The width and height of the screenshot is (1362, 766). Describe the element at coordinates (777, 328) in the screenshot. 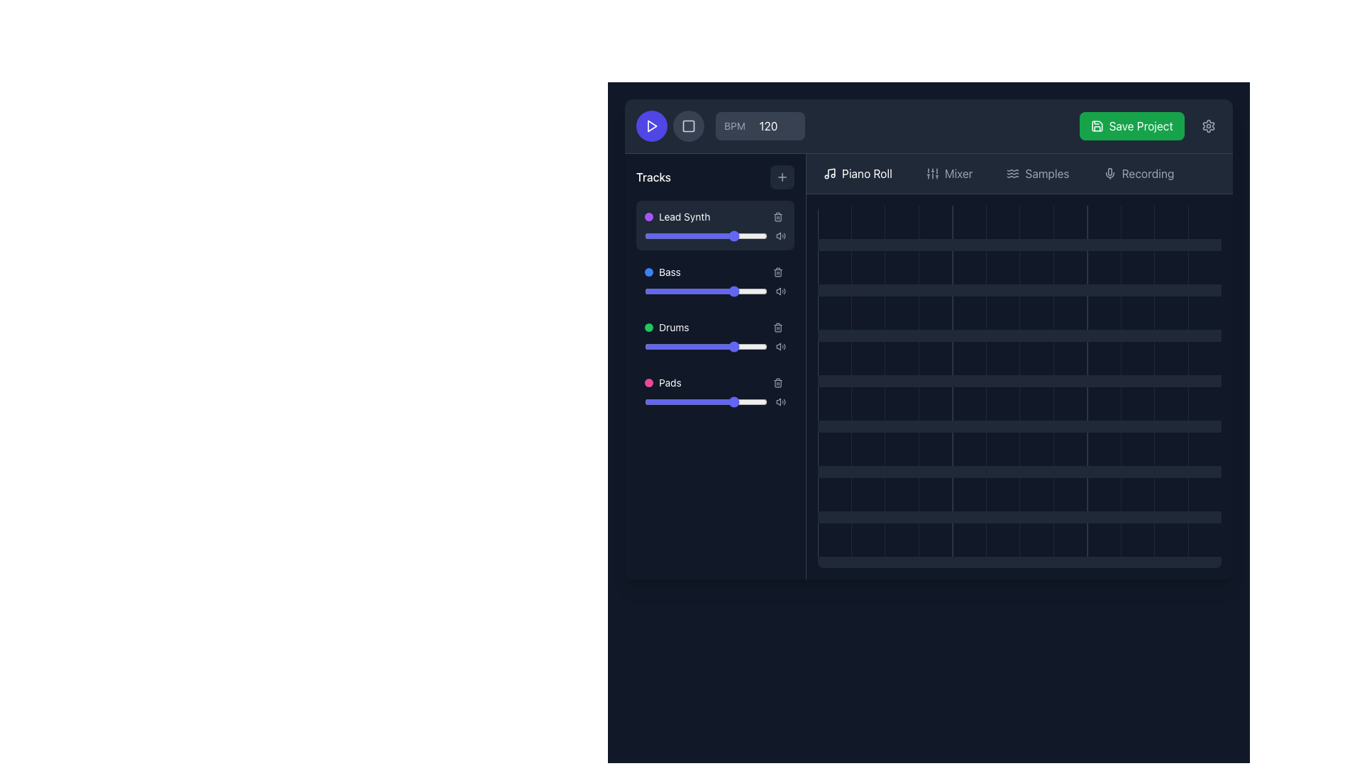

I see `the trash can icon located in the 'Drums' track's functional area` at that location.